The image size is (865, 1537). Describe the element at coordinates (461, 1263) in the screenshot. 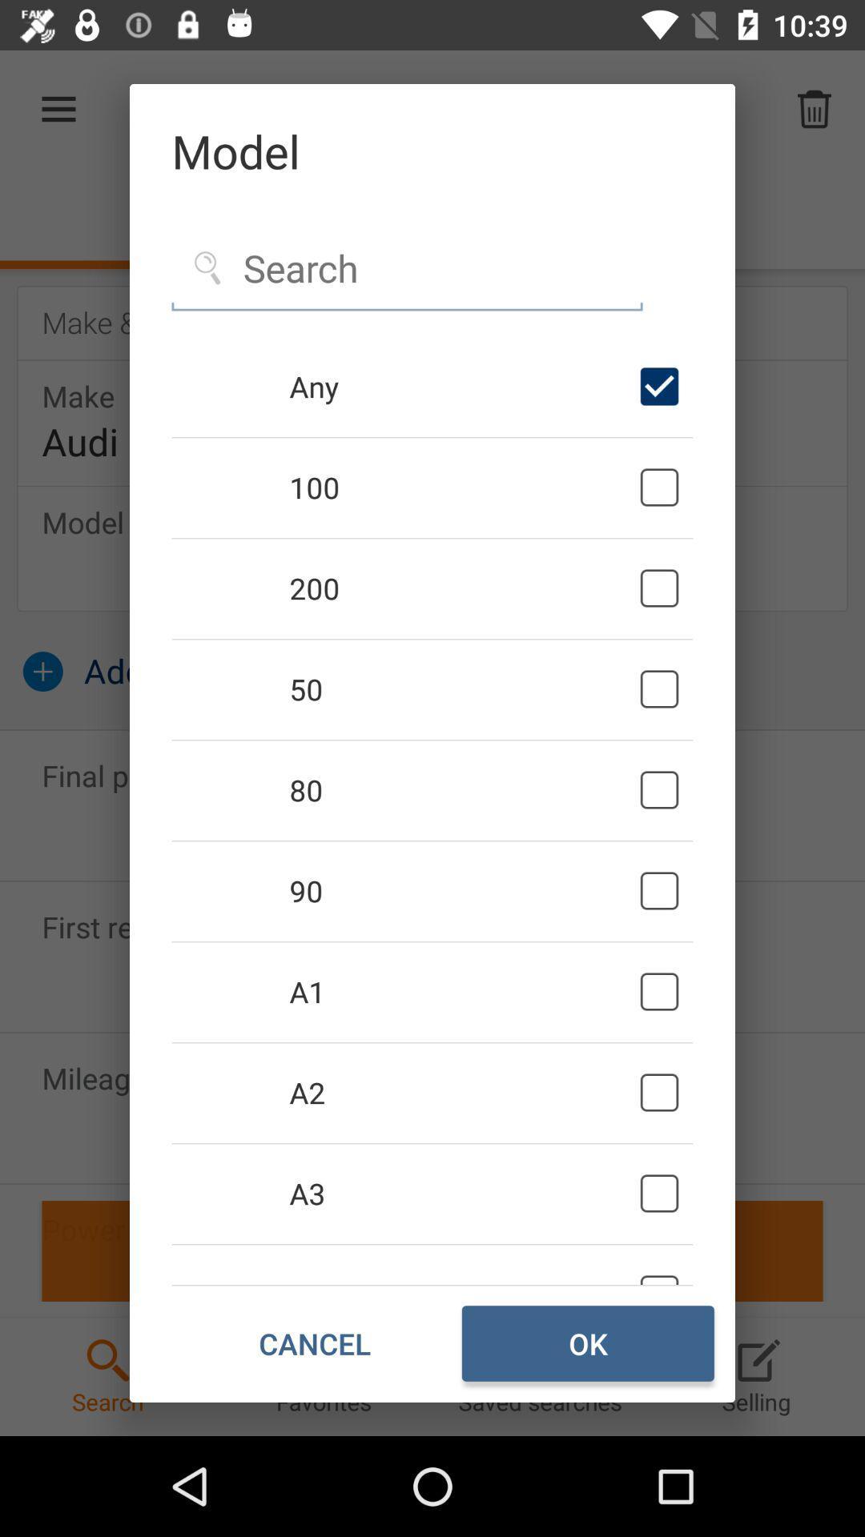

I see `the a4 item` at that location.